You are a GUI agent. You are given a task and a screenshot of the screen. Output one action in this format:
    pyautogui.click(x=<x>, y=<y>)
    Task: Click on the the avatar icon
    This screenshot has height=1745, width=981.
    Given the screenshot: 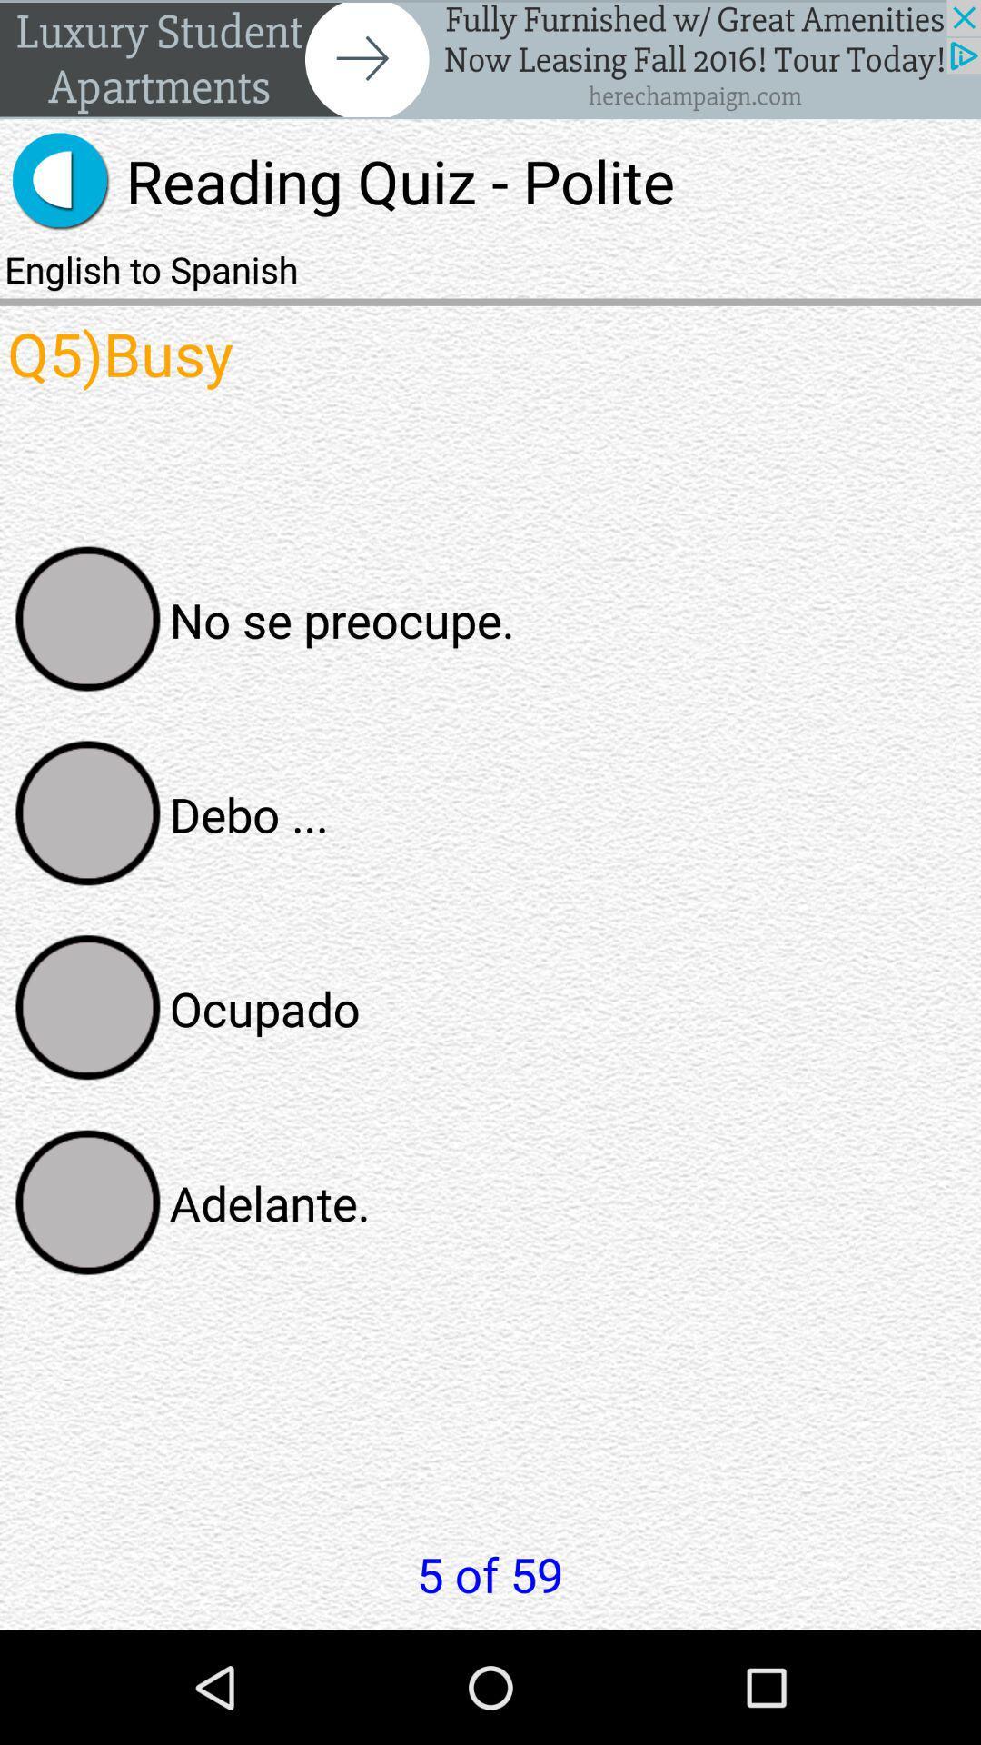 What is the action you would take?
    pyautogui.click(x=88, y=1286)
    